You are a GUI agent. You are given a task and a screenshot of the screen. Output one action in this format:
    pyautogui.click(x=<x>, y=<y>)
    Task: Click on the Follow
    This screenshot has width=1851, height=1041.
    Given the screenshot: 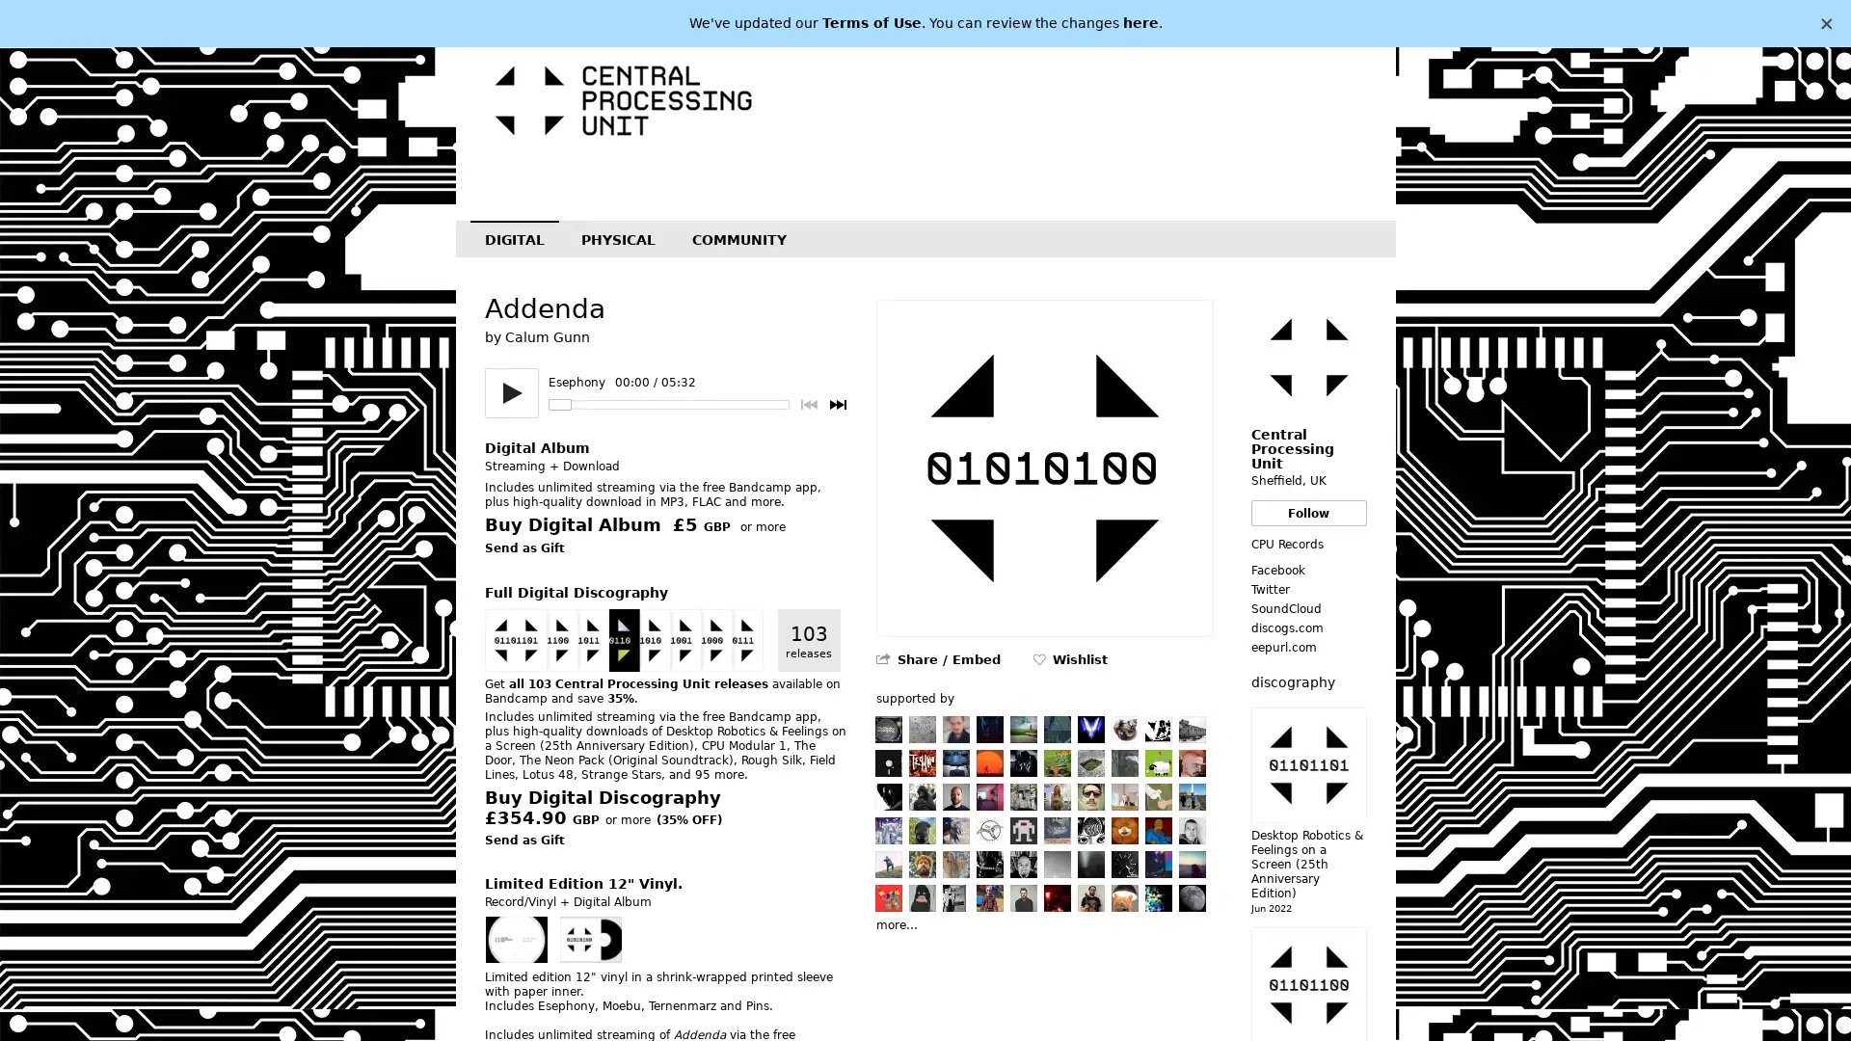 What is the action you would take?
    pyautogui.click(x=1308, y=512)
    